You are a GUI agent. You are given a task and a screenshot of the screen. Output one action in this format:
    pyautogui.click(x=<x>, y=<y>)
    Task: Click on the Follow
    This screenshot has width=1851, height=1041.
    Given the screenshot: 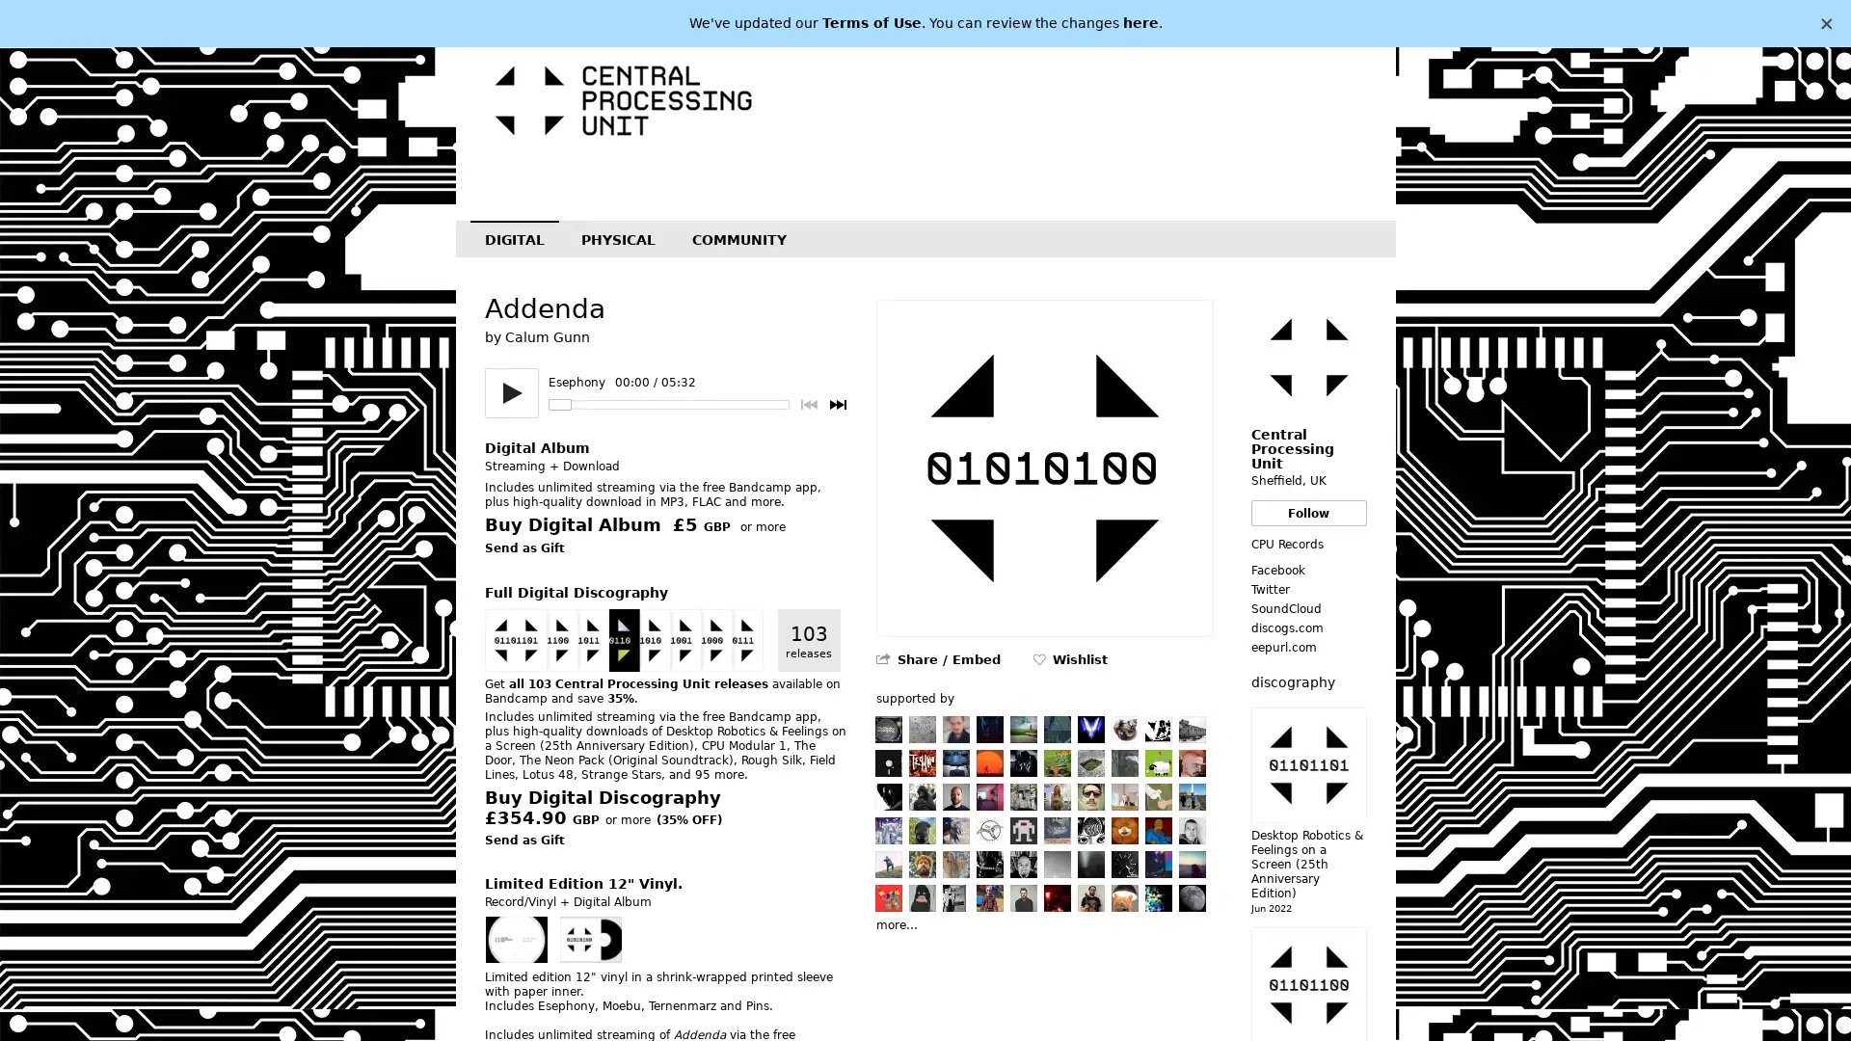 What is the action you would take?
    pyautogui.click(x=1308, y=512)
    